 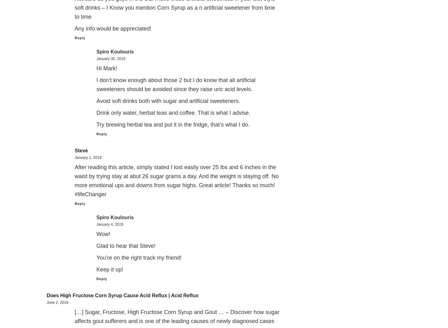 What do you see at coordinates (139, 258) in the screenshot?
I see `'You’re on the right track my friend!'` at bounding box center [139, 258].